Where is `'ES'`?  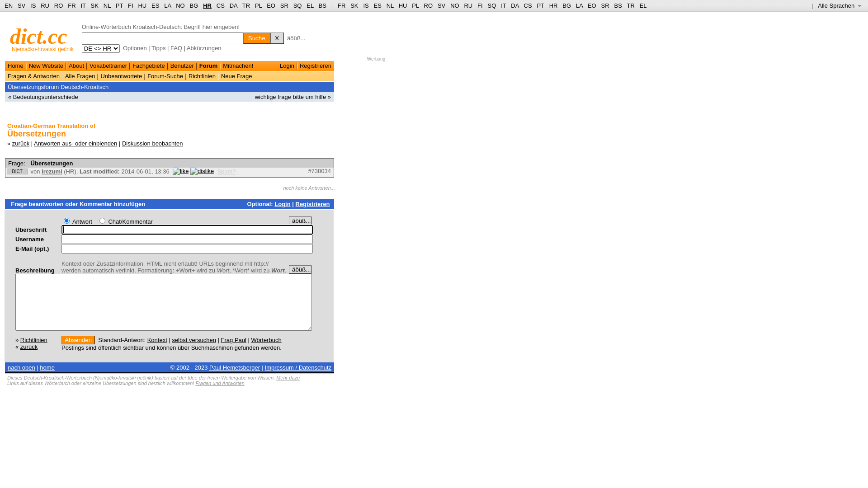 'ES' is located at coordinates (155, 5).